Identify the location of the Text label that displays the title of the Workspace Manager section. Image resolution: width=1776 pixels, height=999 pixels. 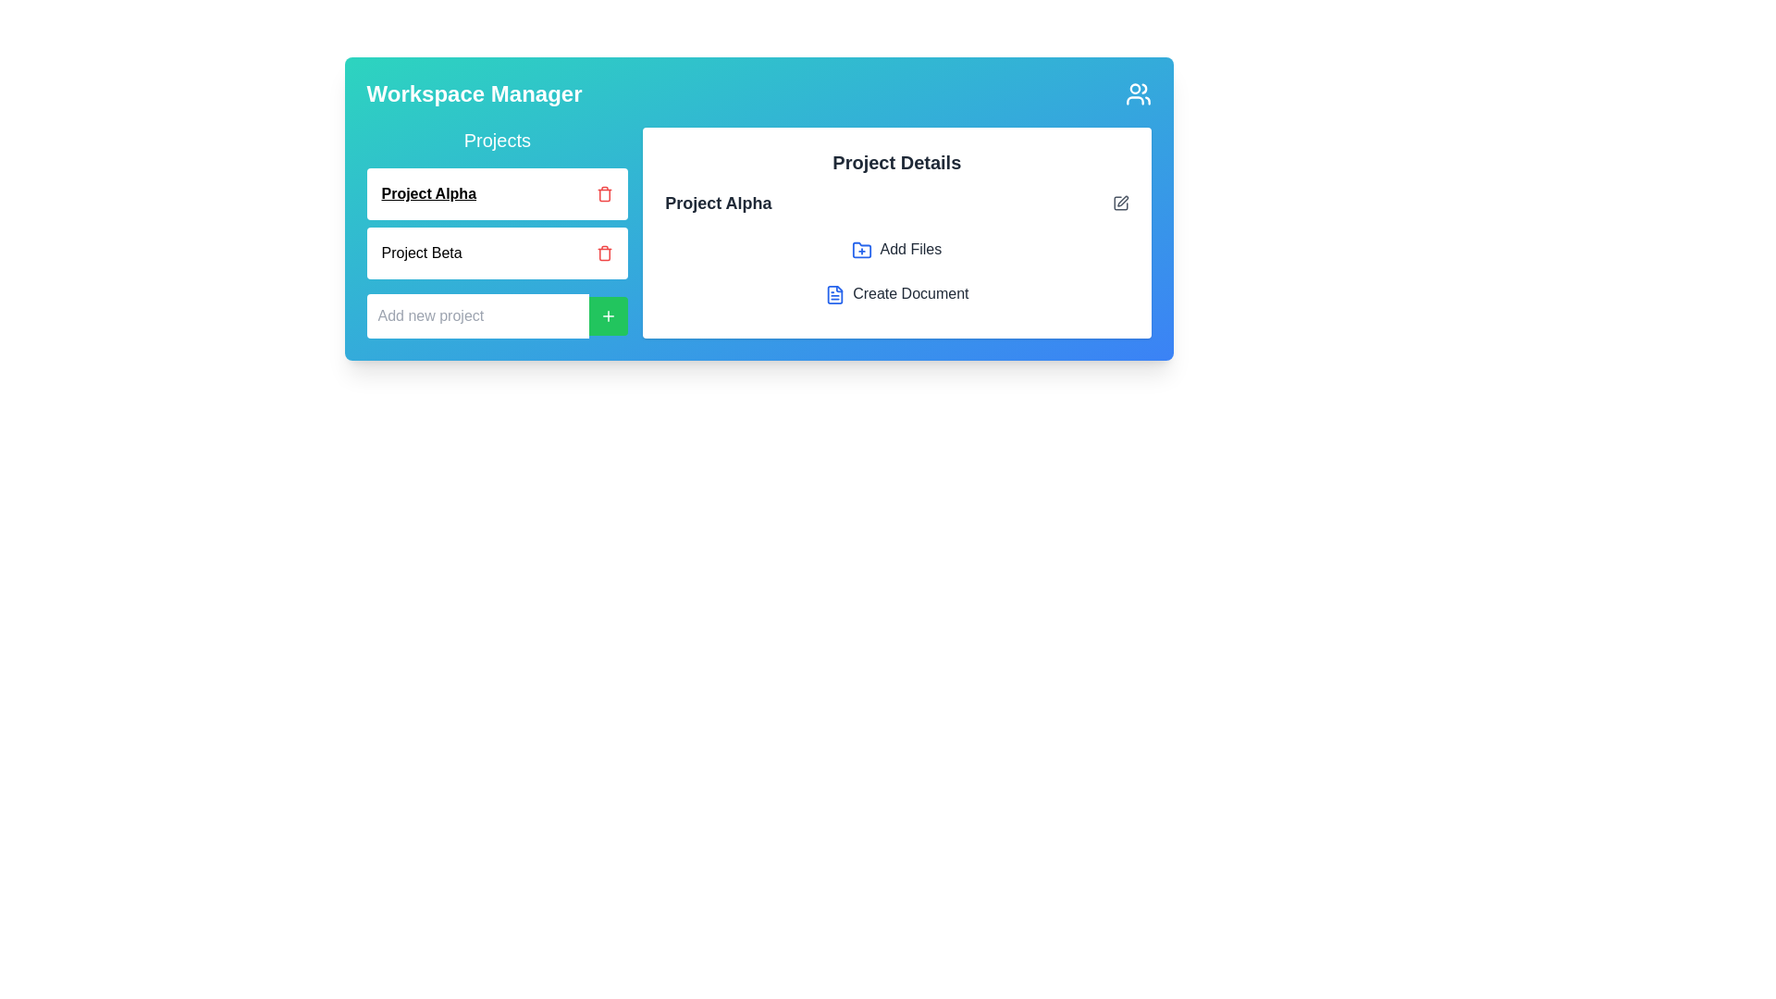
(475, 93).